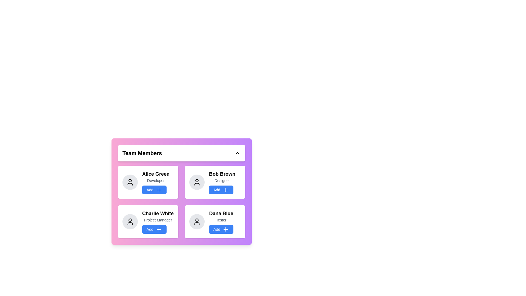 This screenshot has height=296, width=526. I want to click on the 'Add' button located in the lower-right corner of the card labeled 'Bob Brown' to initiate the add action, so click(225, 190).